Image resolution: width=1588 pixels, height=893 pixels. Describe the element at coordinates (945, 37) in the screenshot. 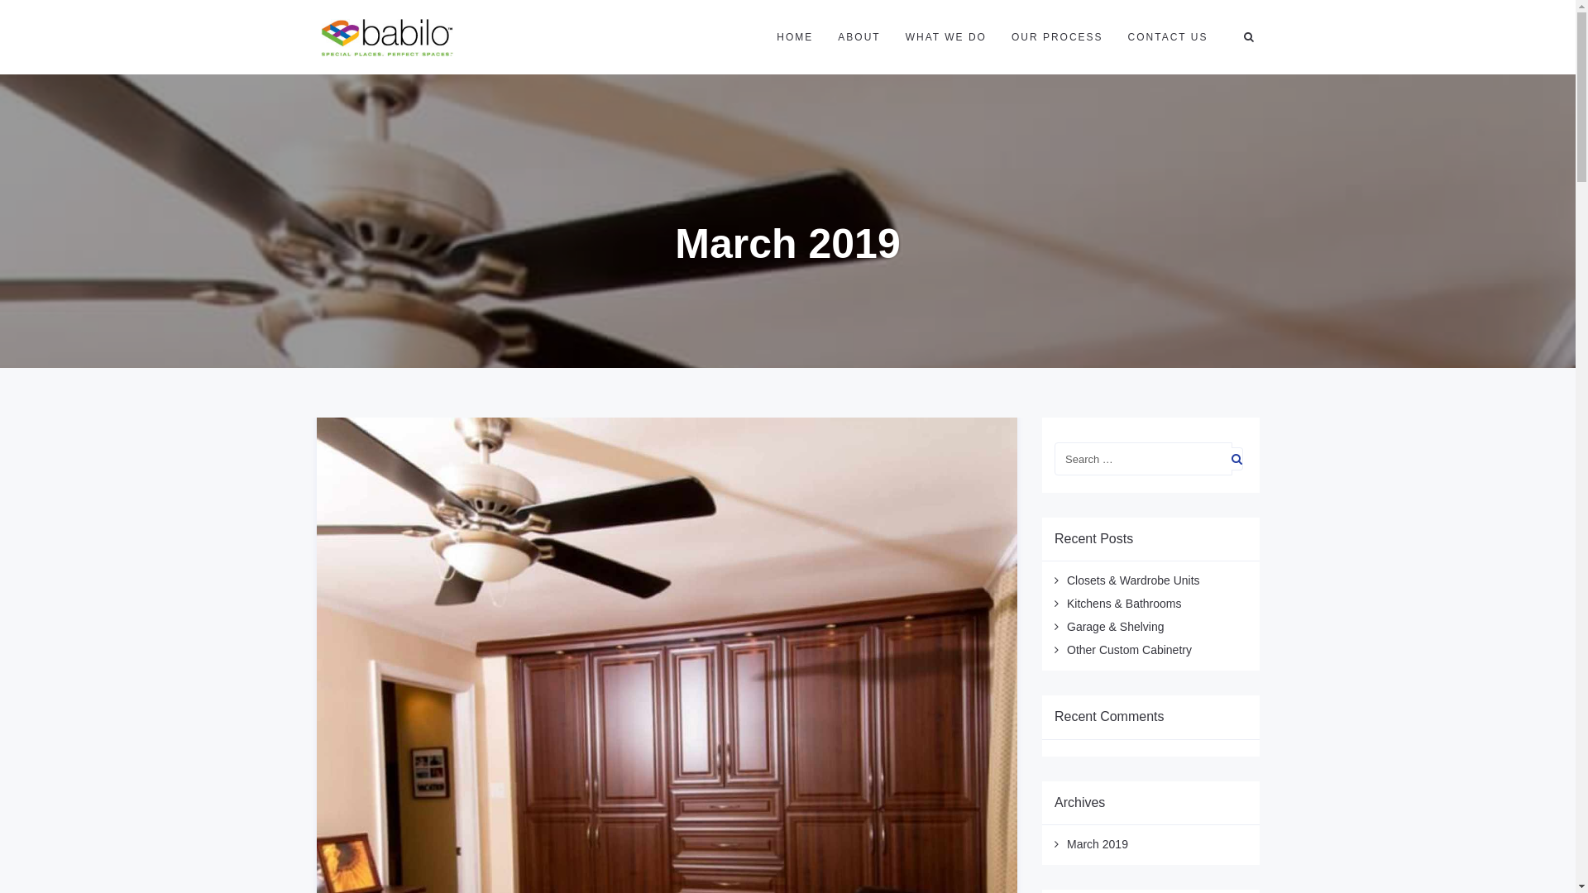

I see `'WHAT WE DO'` at that location.